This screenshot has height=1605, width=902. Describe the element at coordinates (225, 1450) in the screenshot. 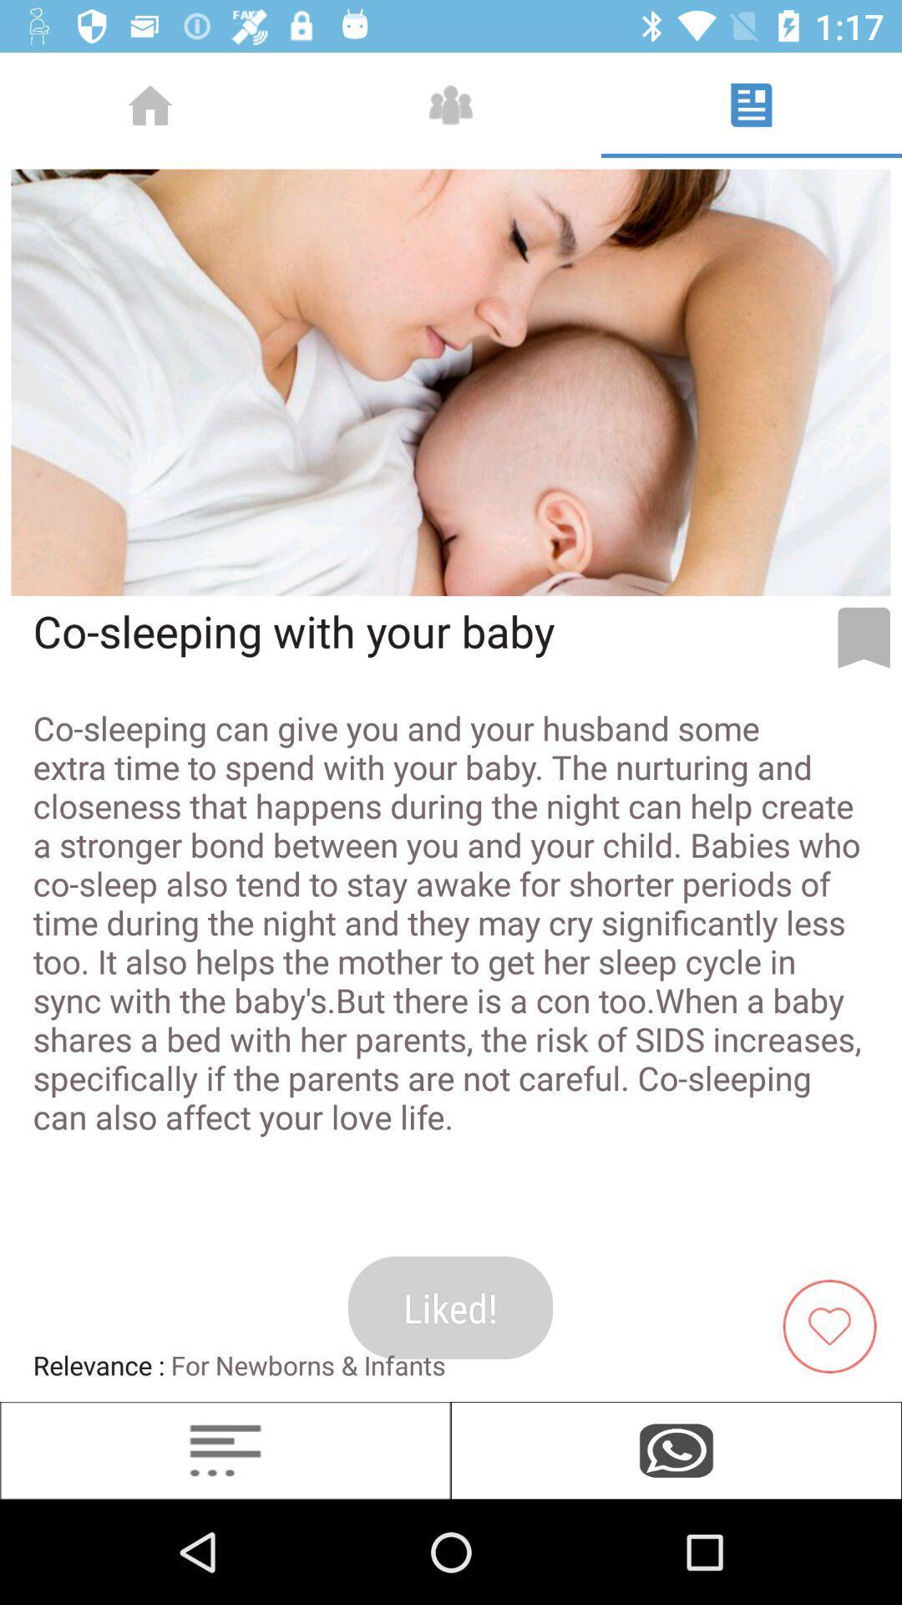

I see `sleep cycle` at that location.